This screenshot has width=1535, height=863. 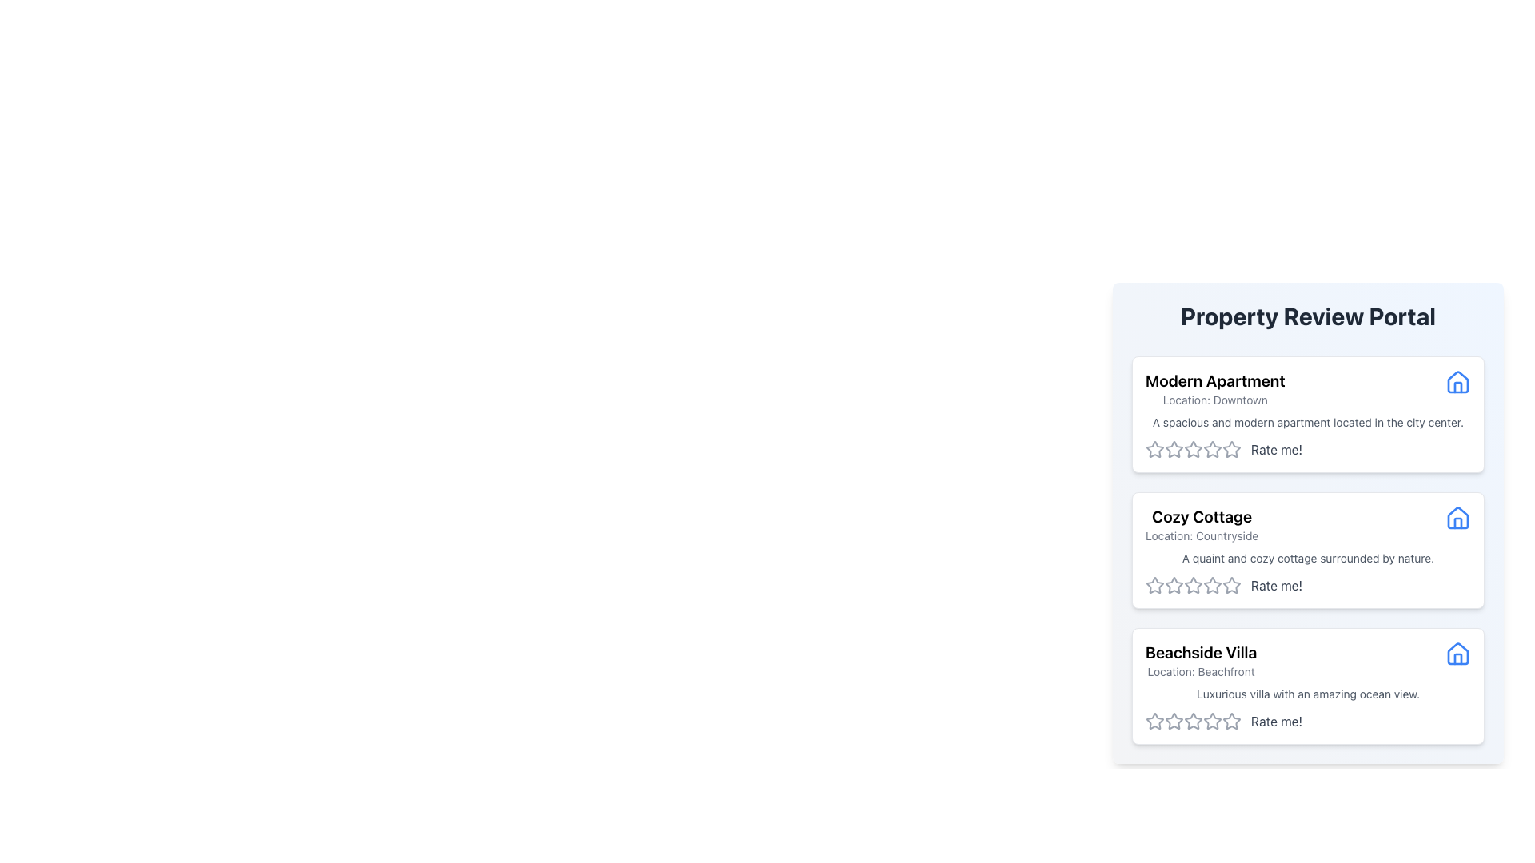 I want to click on the text label displaying 'Modern Apartment', which is a bold heading at the top-left corner of the property listing card, so click(x=1215, y=381).